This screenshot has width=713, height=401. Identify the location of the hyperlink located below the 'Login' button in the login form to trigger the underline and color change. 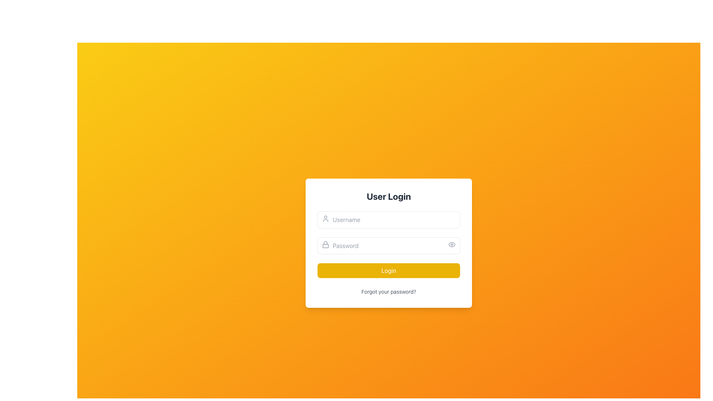
(388, 291).